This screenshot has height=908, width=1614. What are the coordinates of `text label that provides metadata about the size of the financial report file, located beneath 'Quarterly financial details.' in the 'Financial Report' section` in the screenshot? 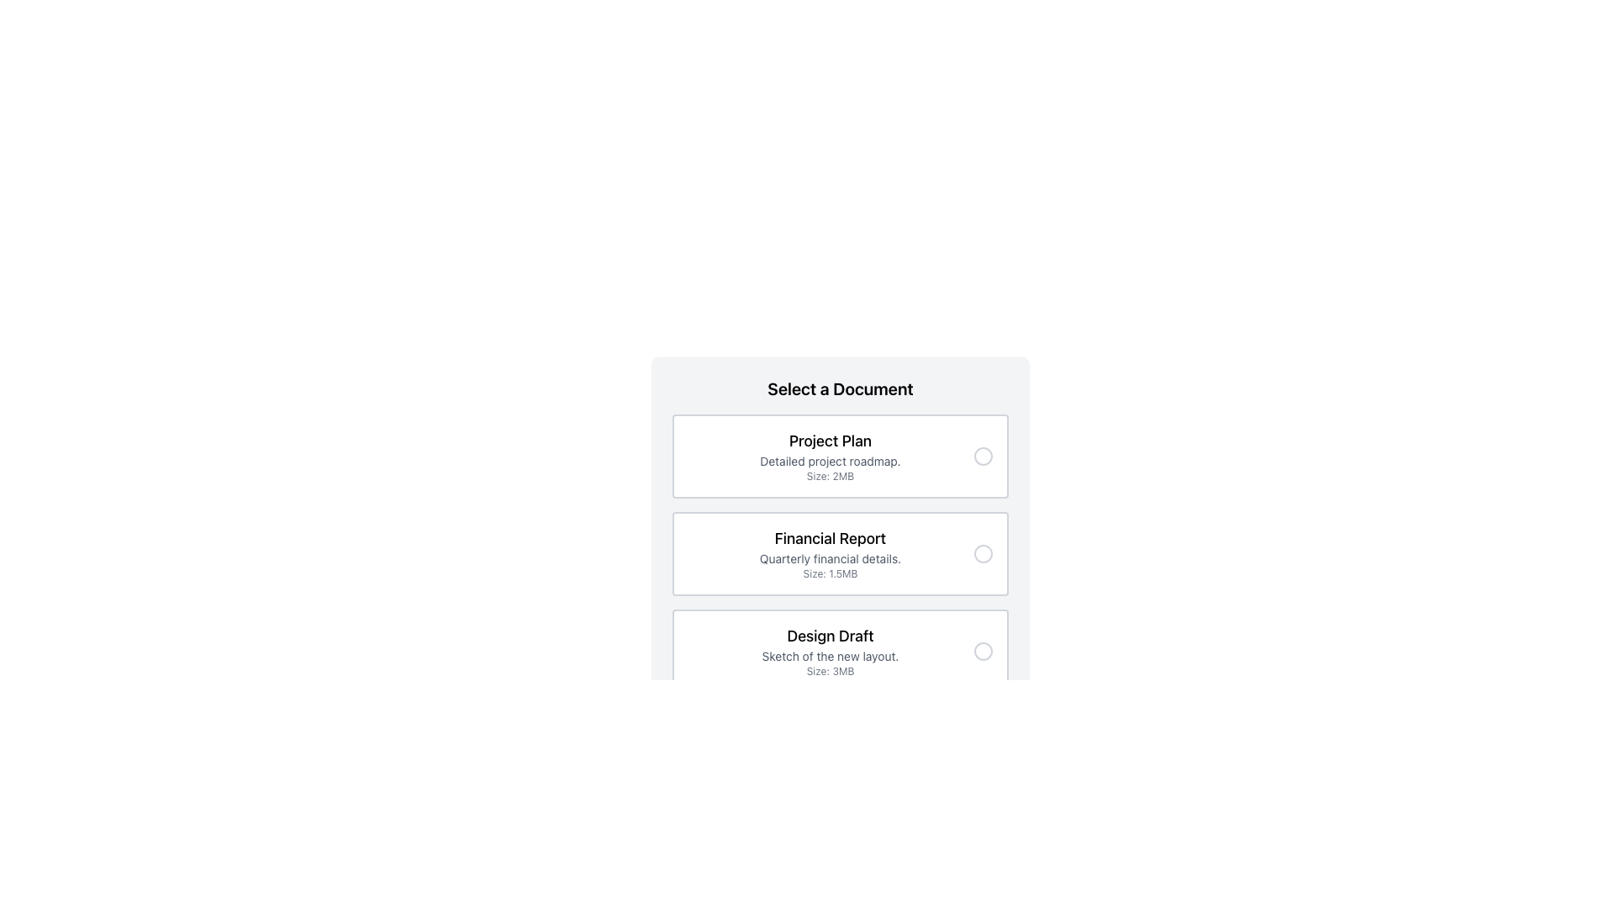 It's located at (831, 573).